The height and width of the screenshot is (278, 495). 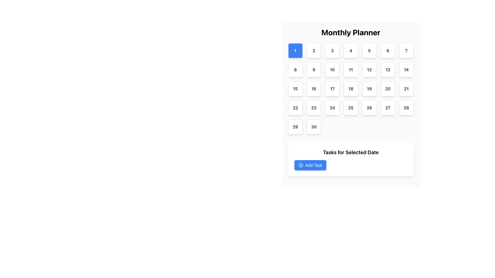 I want to click on the Interactive calendar date entry displaying the number '18', so click(x=351, y=88).